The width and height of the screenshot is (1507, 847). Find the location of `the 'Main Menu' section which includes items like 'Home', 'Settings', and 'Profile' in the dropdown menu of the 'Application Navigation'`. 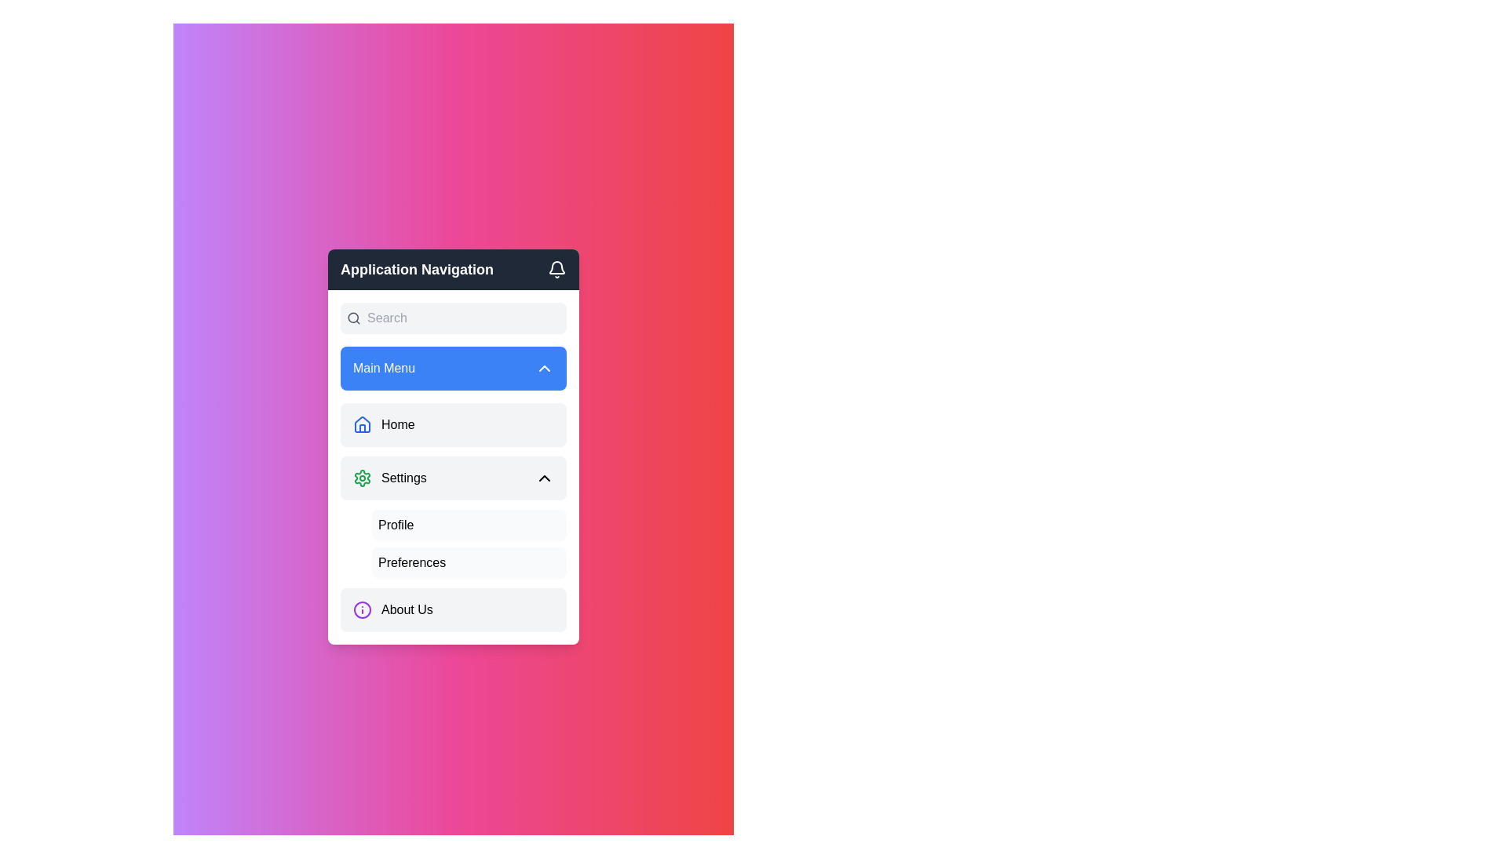

the 'Main Menu' section which includes items like 'Home', 'Settings', and 'Profile' in the dropdown menu of the 'Application Navigation' is located at coordinates (452, 467).